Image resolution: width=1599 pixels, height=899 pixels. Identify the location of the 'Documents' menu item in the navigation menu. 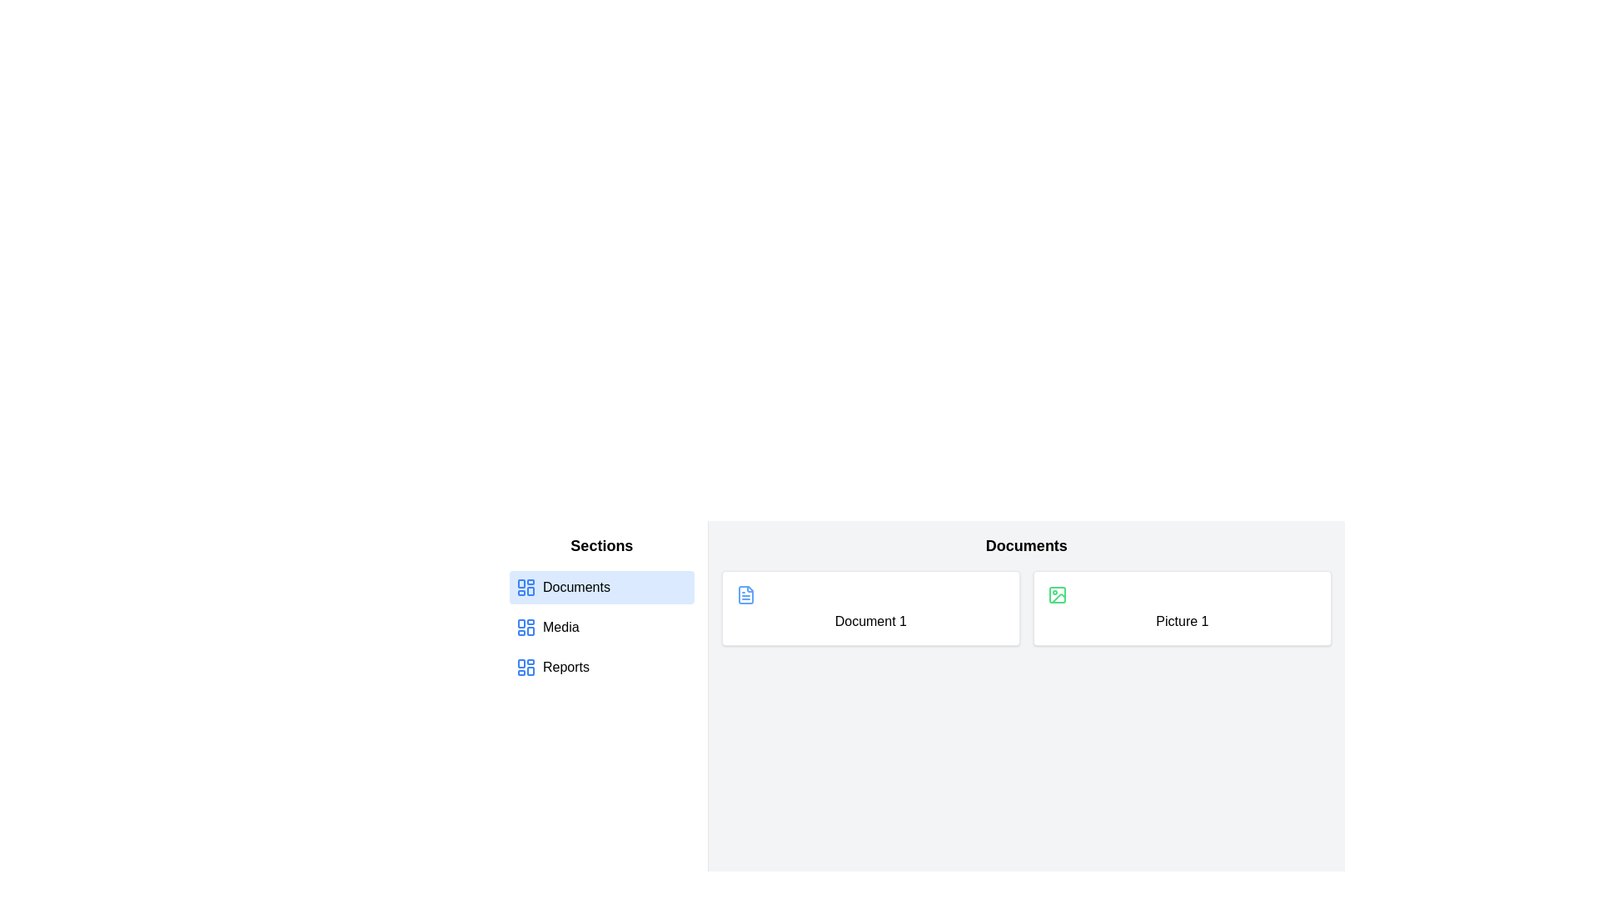
(600, 586).